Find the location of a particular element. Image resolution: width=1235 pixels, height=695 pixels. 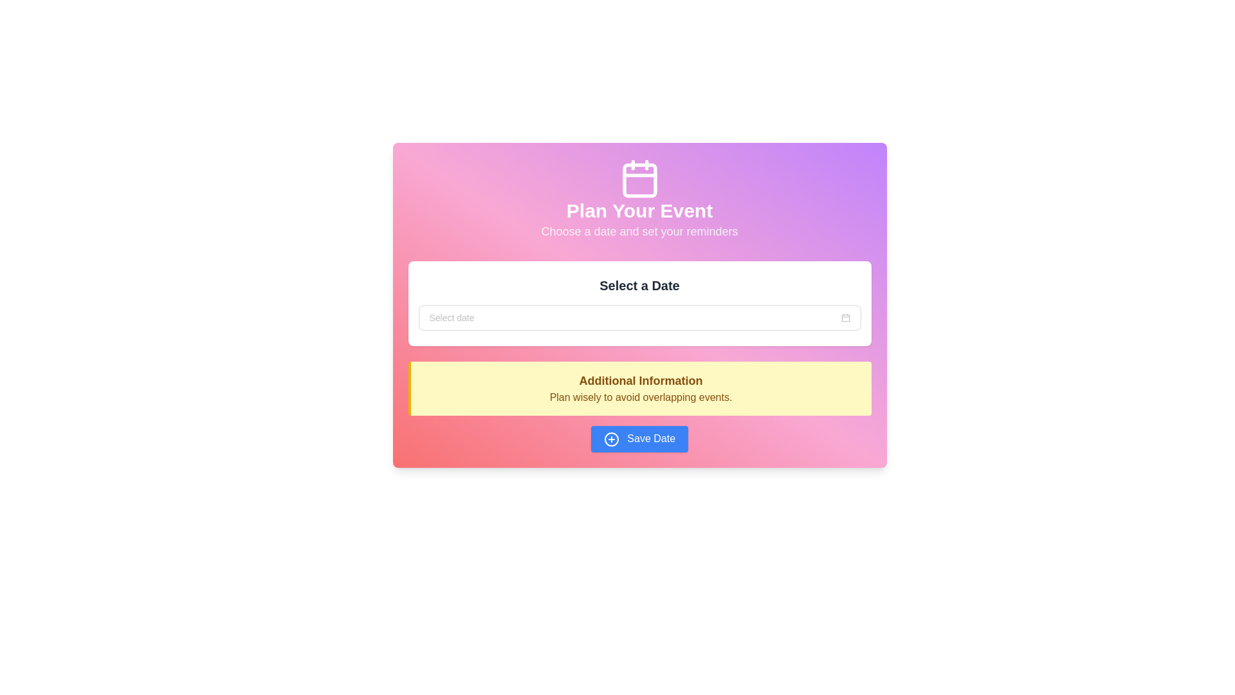

the save date button located below the 'Additional Information' section is located at coordinates (639, 438).